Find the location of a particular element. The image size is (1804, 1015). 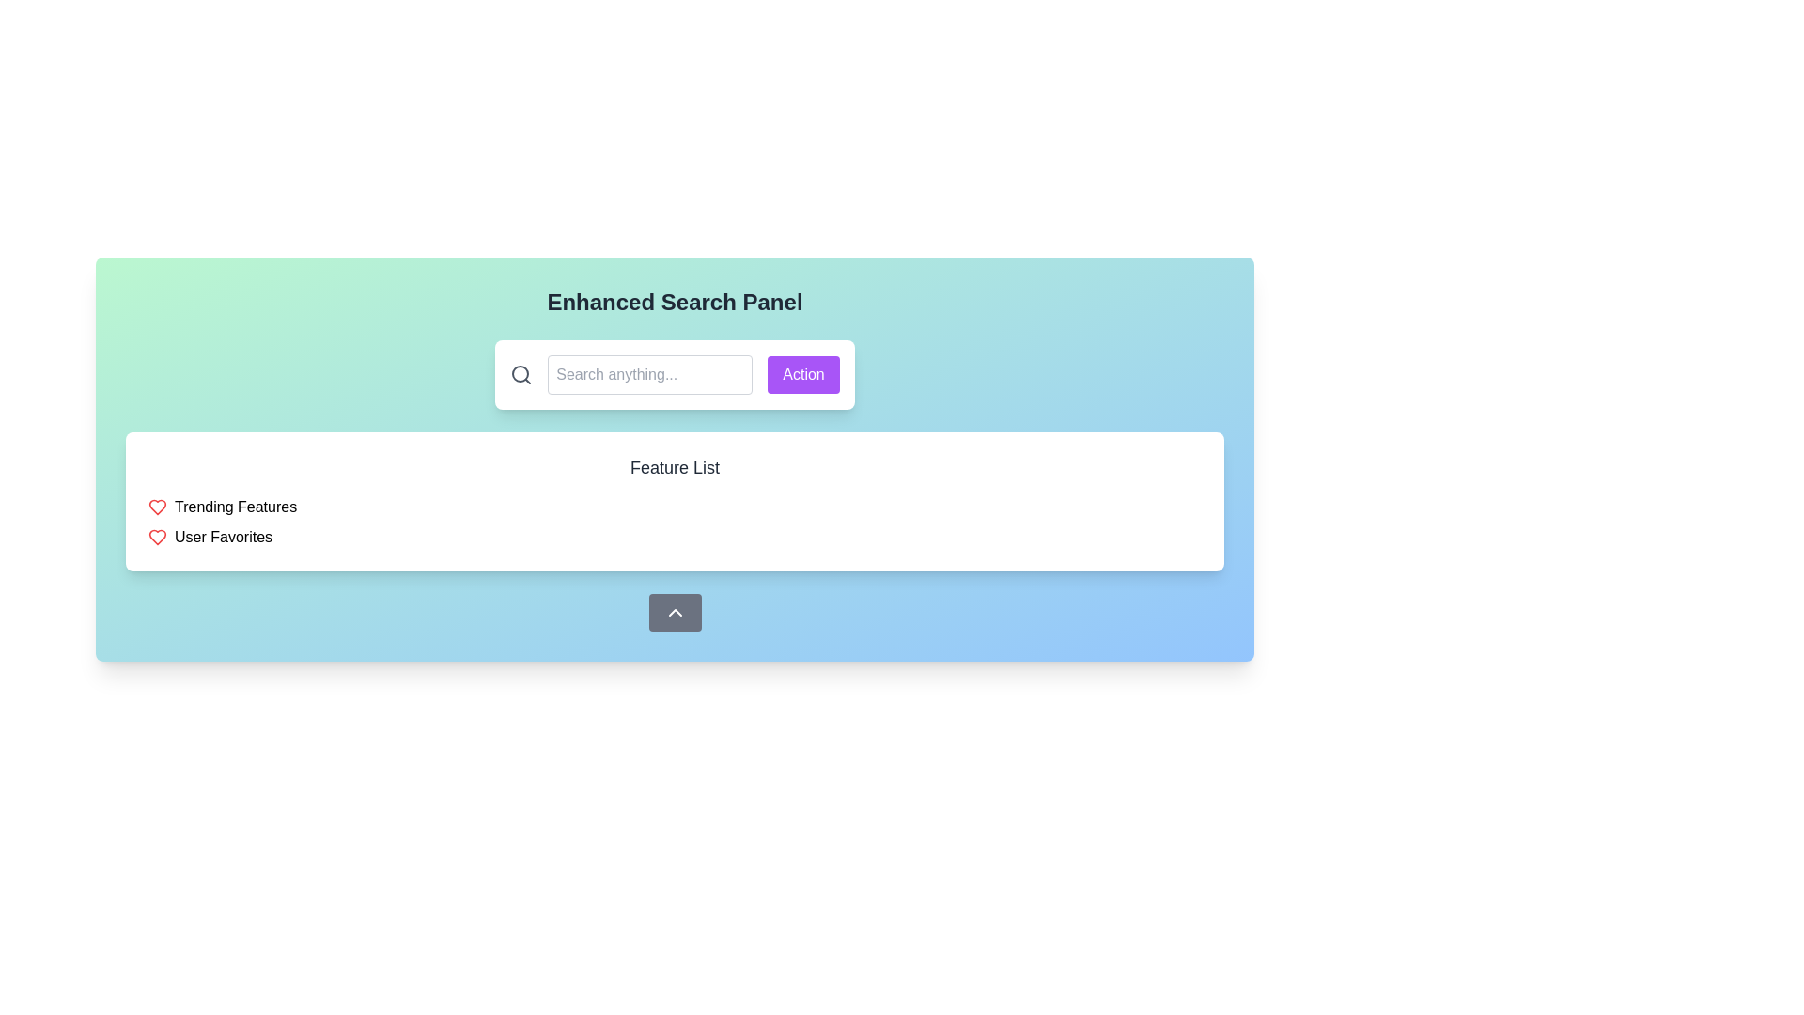

the upward-pointing chevron icon embedded within the button located above the bottom edge of the blue area on the interface is located at coordinates (675, 612).